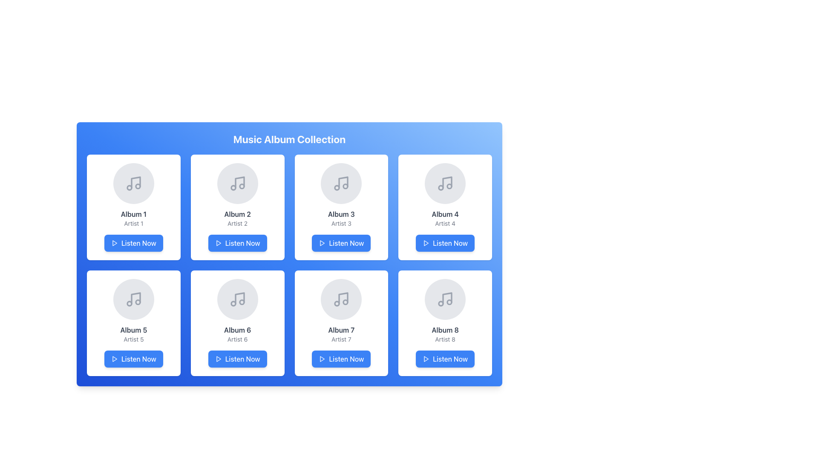 The height and width of the screenshot is (460, 818). Describe the element at coordinates (237, 243) in the screenshot. I see `the blue rectangular button labeled 'Listen Now' with a play icon to play the associated album in the second card of the 3x3 grid layout` at that location.